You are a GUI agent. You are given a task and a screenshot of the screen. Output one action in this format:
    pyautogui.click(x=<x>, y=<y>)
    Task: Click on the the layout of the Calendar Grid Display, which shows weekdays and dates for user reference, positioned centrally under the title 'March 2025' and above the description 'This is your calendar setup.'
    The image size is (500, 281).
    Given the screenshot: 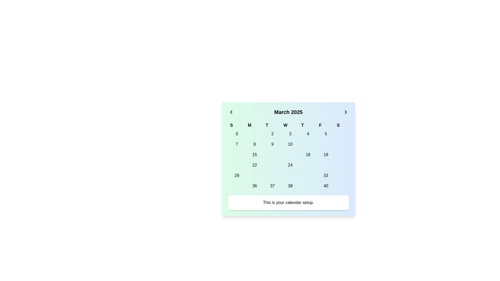 What is the action you would take?
    pyautogui.click(x=288, y=156)
    